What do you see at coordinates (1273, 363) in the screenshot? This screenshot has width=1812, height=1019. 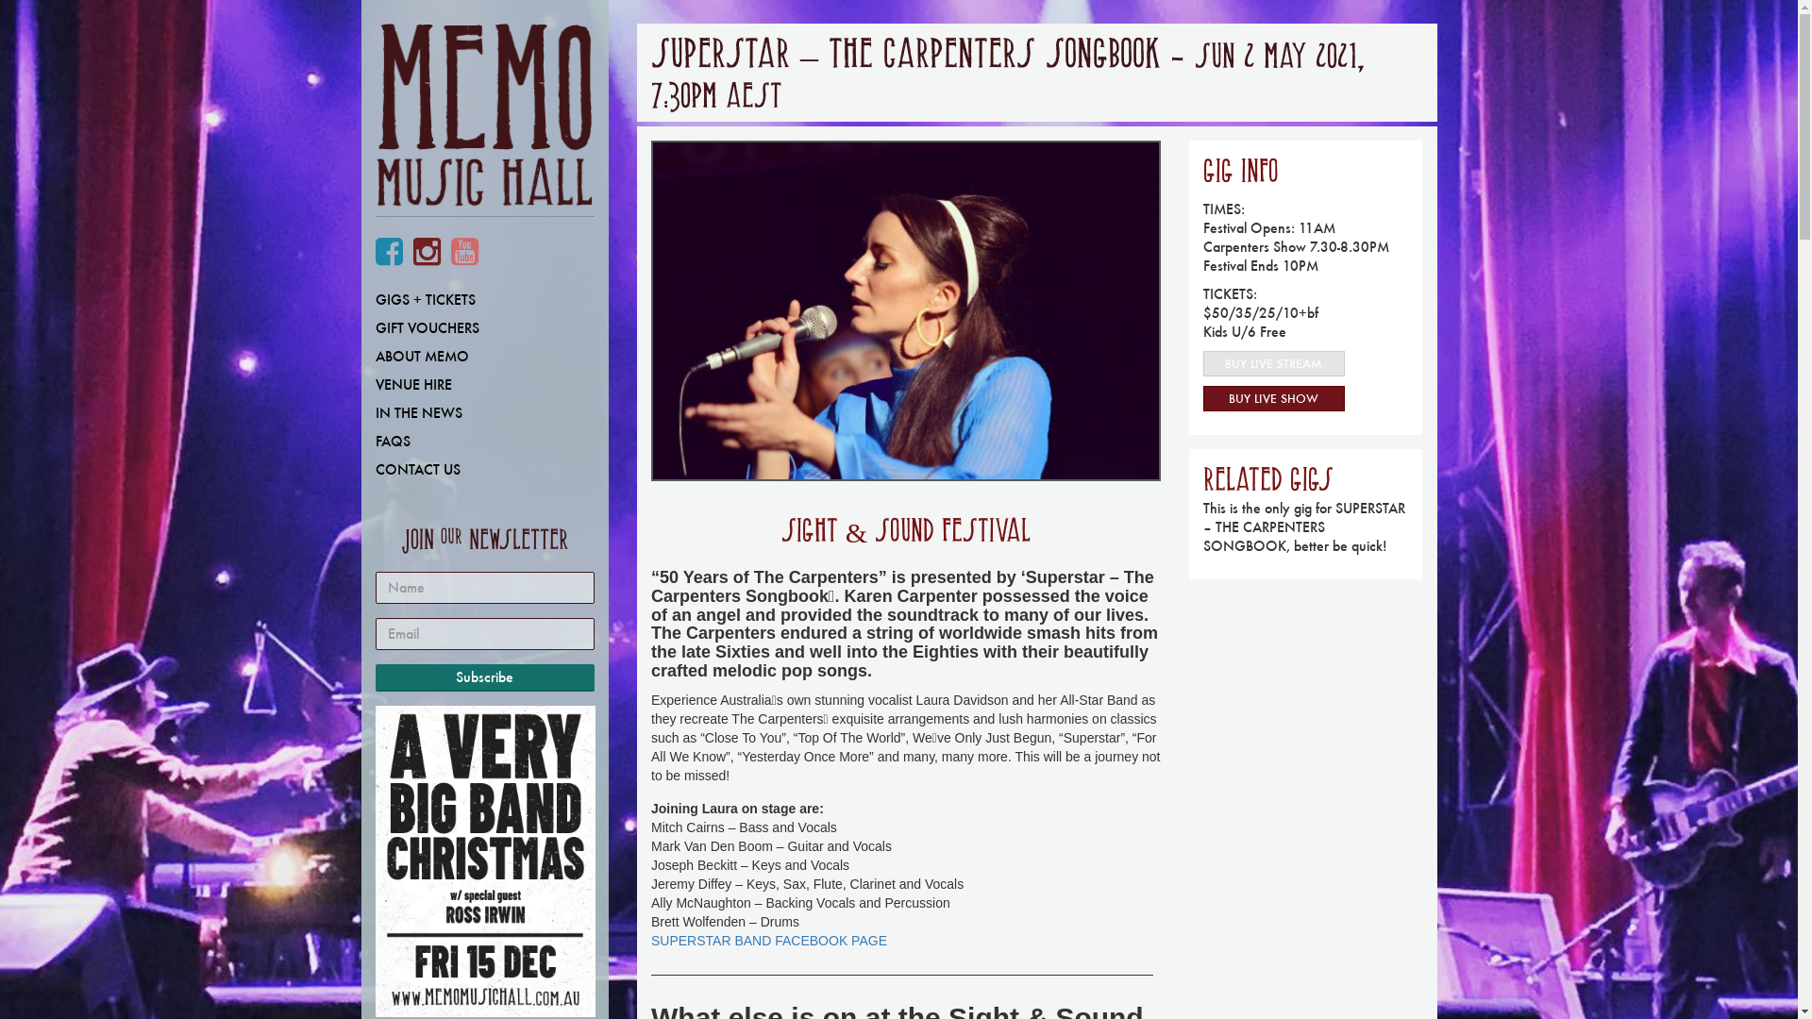 I see `'BUY LIVE STREAM'` at bounding box center [1273, 363].